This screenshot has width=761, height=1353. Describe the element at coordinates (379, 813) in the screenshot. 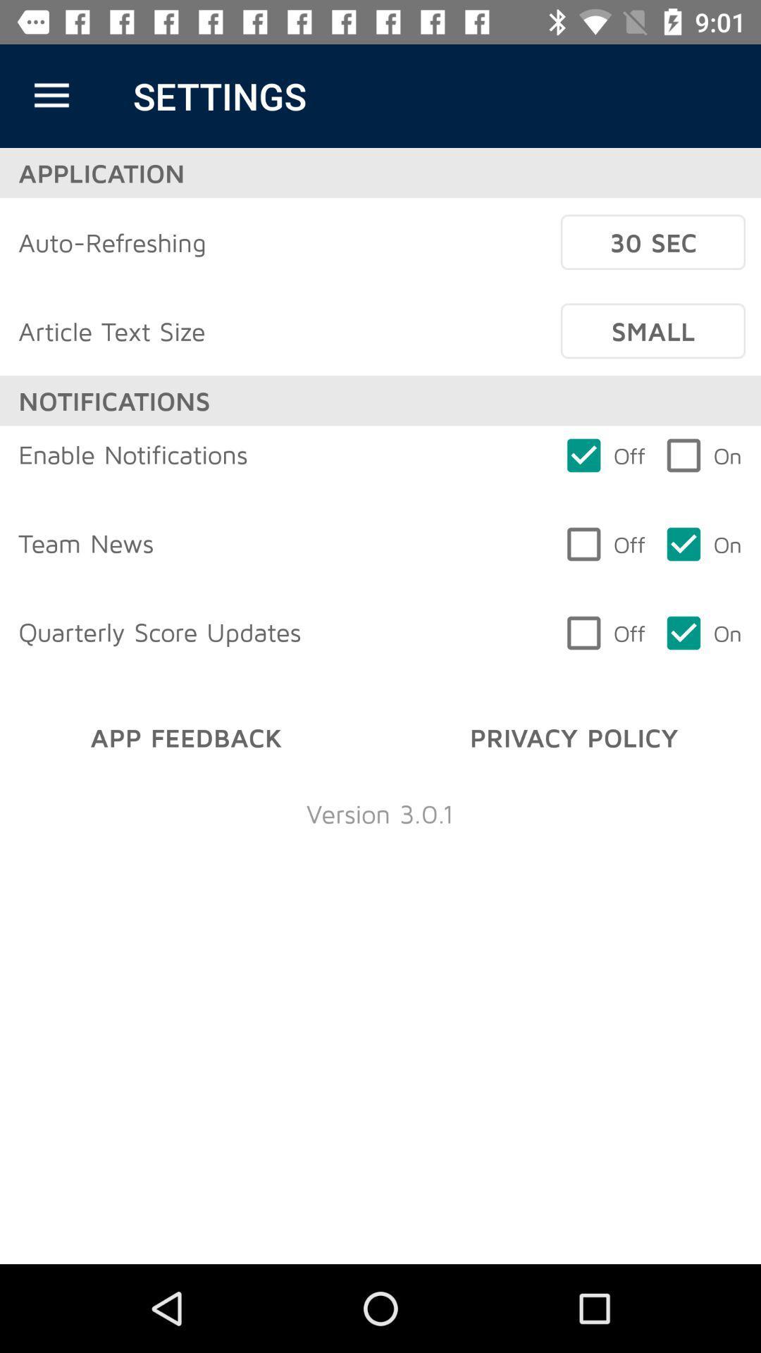

I see `item below the app feedback item` at that location.